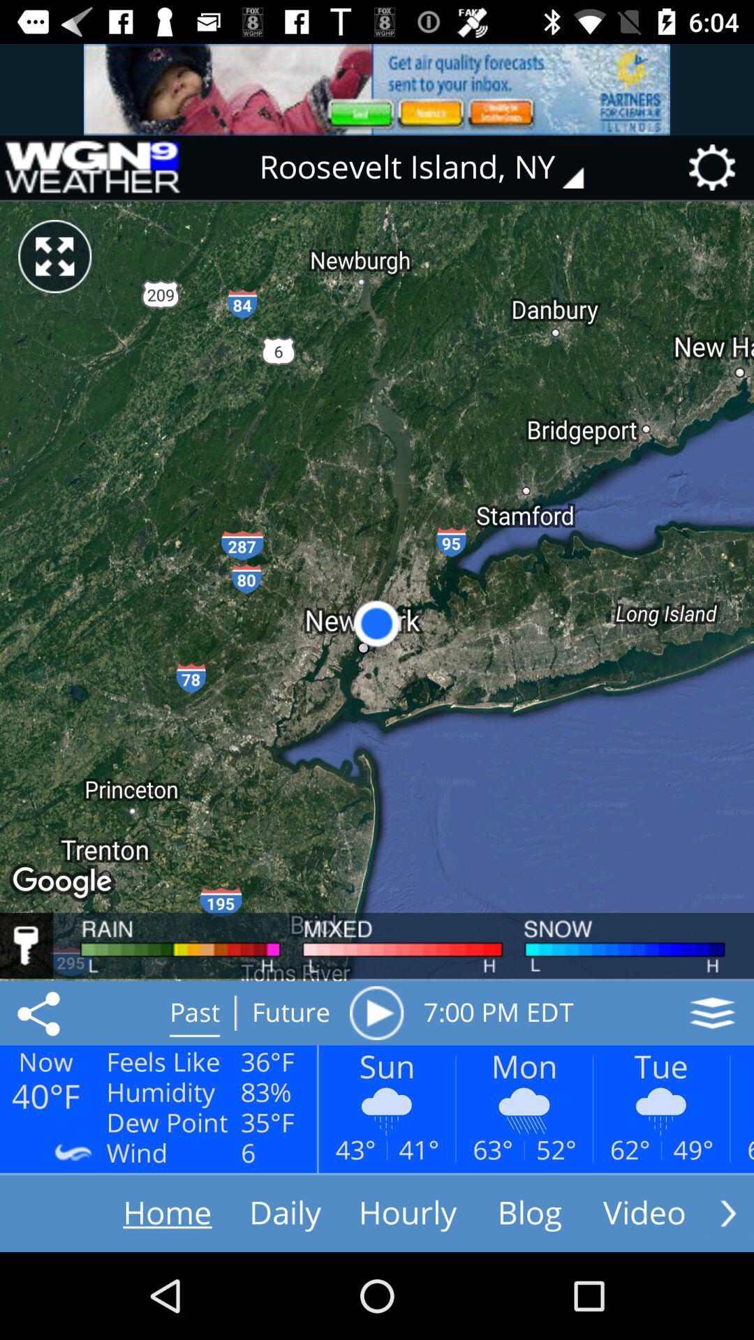 The width and height of the screenshot is (754, 1340). What do you see at coordinates (376, 1013) in the screenshot?
I see `the item next to the 7 00 pm` at bounding box center [376, 1013].